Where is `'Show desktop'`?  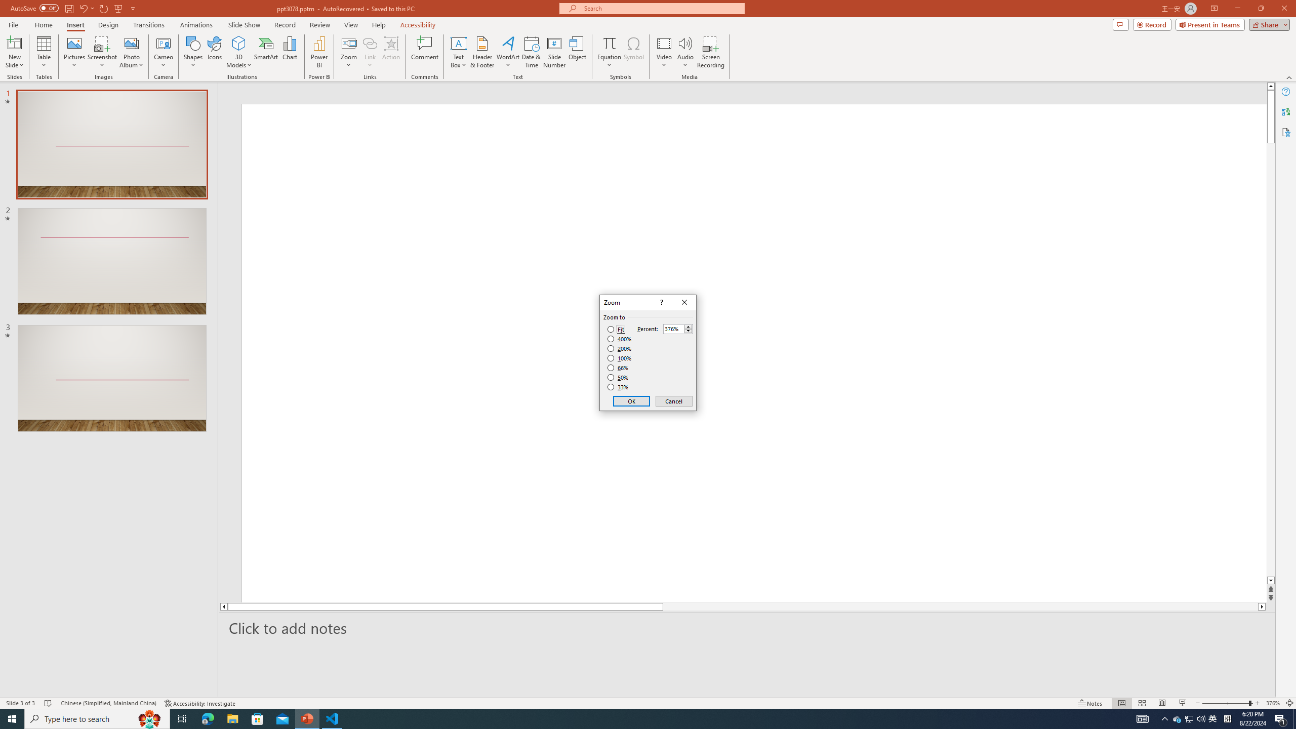
'Show desktop' is located at coordinates (1294, 718).